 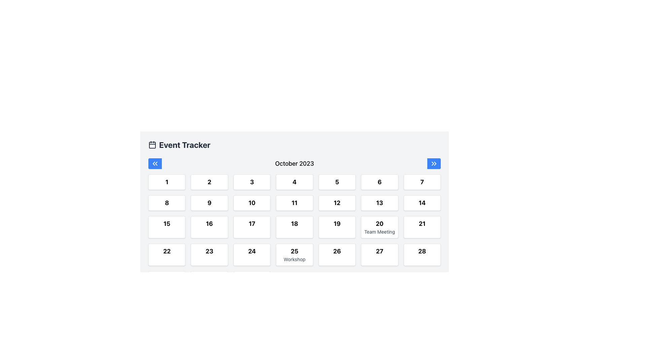 I want to click on the blue button with white text on the left side of the header section of the calendar's navigation bar, so click(x=154, y=163).